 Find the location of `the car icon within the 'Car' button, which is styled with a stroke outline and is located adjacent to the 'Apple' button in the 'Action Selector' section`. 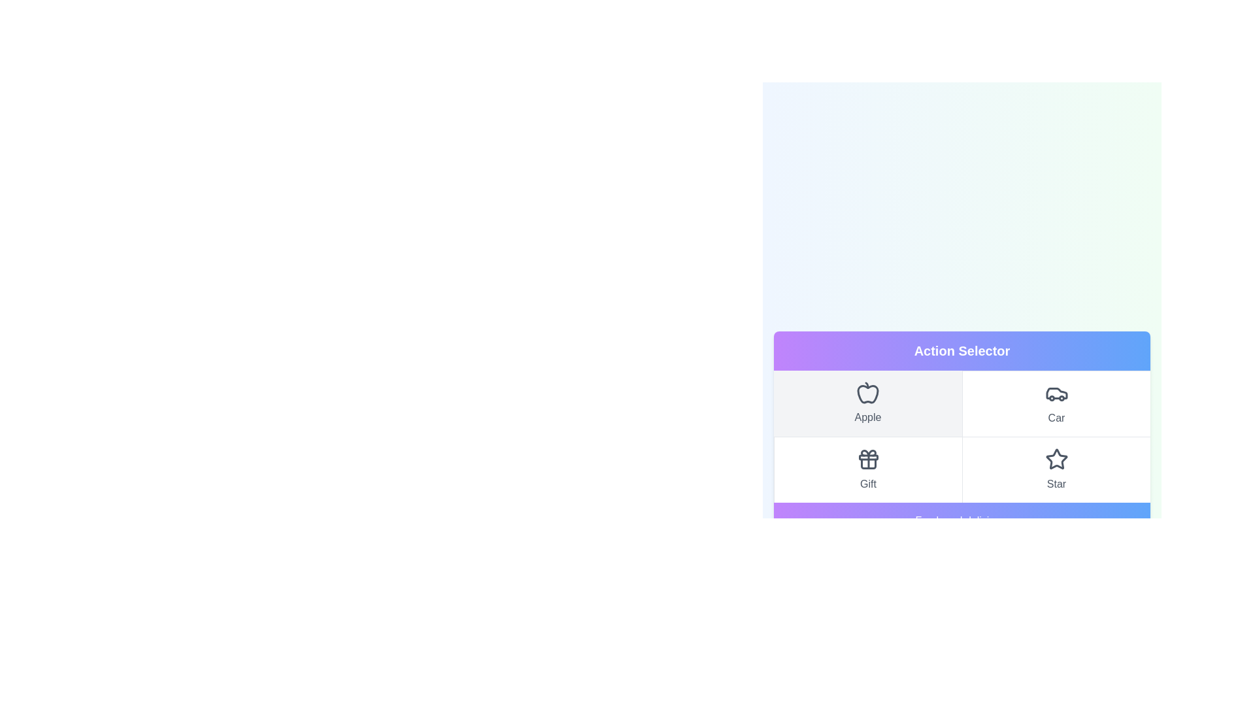

the car icon within the 'Car' button, which is styled with a stroke outline and is located adjacent to the 'Apple' button in the 'Action Selector' section is located at coordinates (1056, 392).